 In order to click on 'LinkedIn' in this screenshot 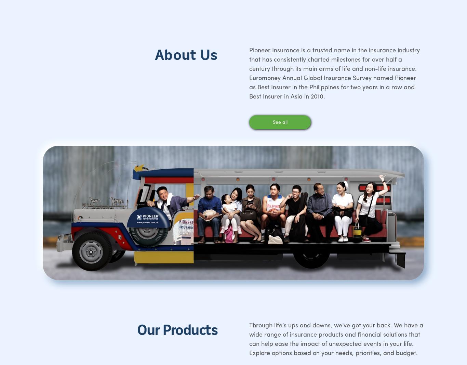, I will do `click(363, 198)`.